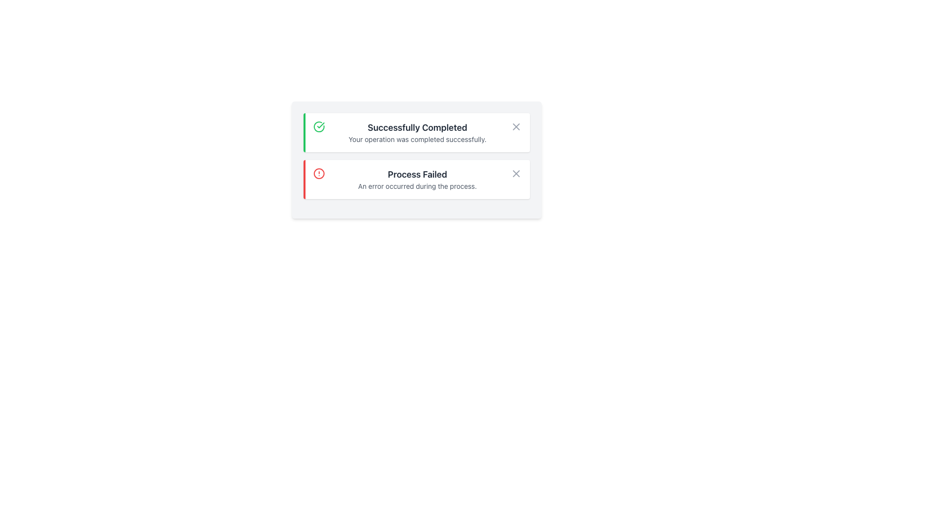 The width and height of the screenshot is (937, 527). What do you see at coordinates (417, 139) in the screenshot?
I see `message displayed in the text label that says 'Your operation was completed successfully.' located below the title 'Successfully Completed'` at bounding box center [417, 139].